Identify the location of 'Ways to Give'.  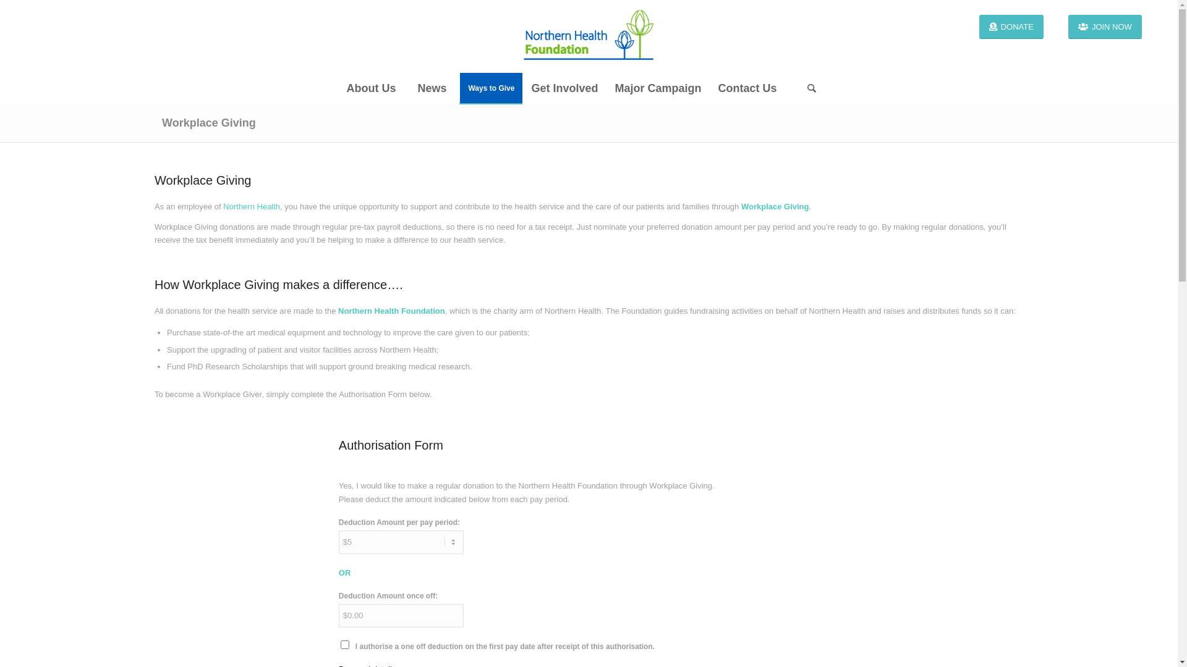
(490, 87).